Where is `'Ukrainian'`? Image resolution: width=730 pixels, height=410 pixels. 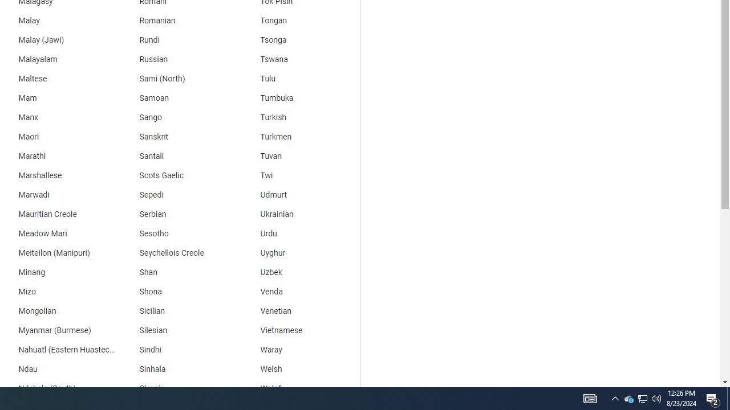 'Ukrainian' is located at coordinates (299, 214).